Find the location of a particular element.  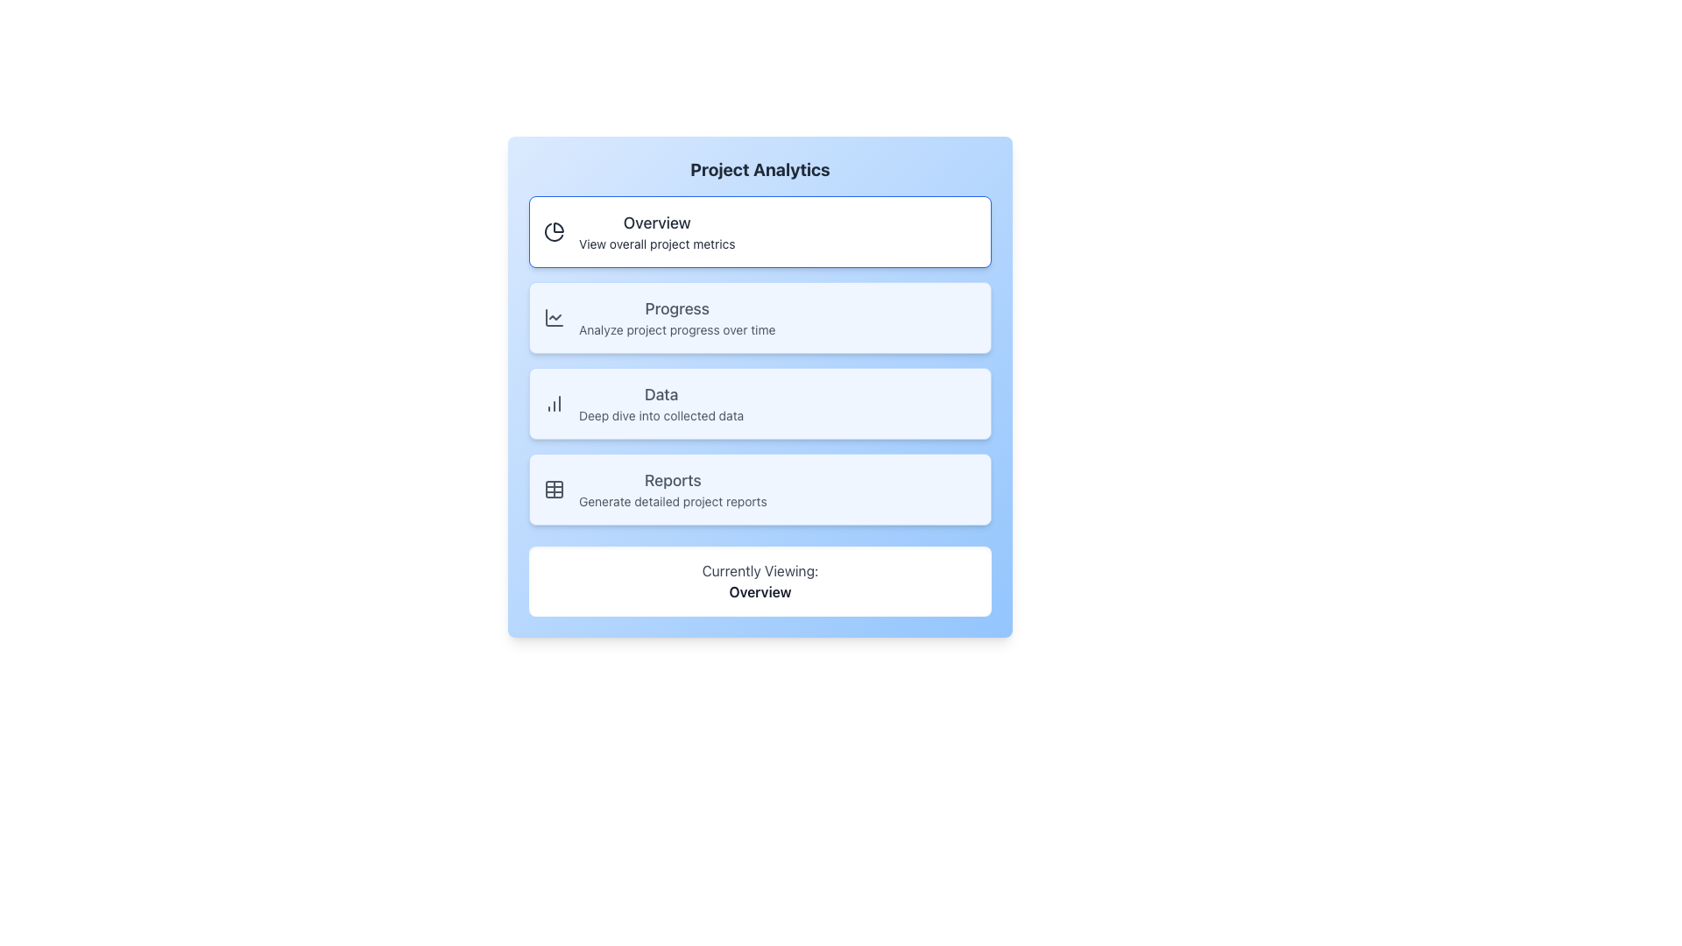

the text label that reads 'Currently Viewing:', which is styled in gray and positioned above the 'Overview' label is located at coordinates (760, 570).